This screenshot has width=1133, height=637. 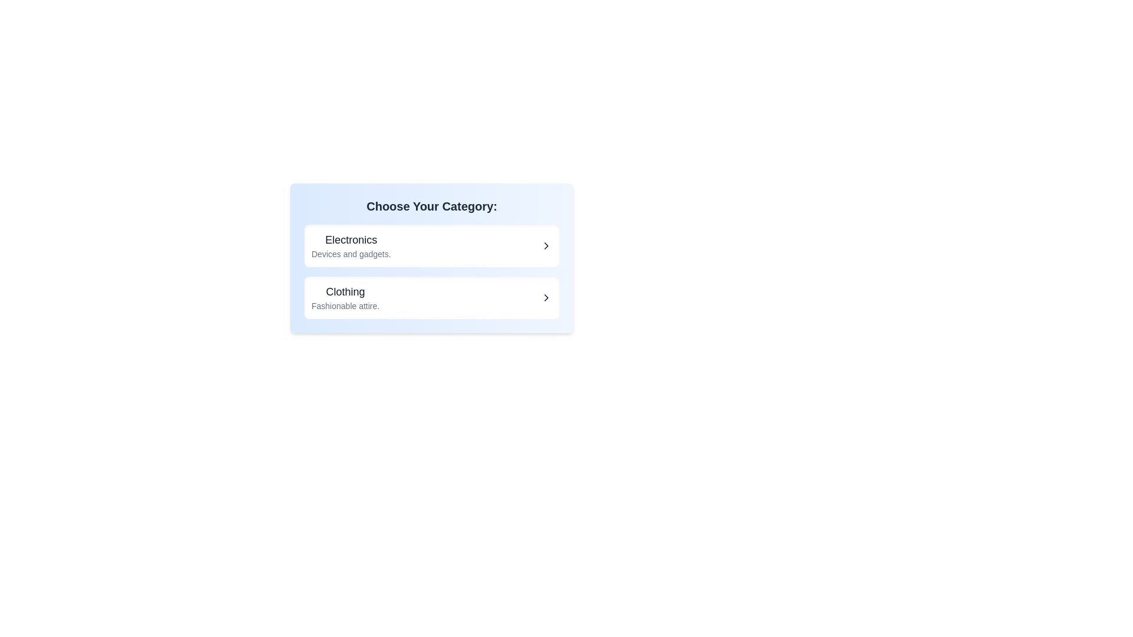 I want to click on the second entry of the selectable list item labeled 'Clothing', so click(x=431, y=297).